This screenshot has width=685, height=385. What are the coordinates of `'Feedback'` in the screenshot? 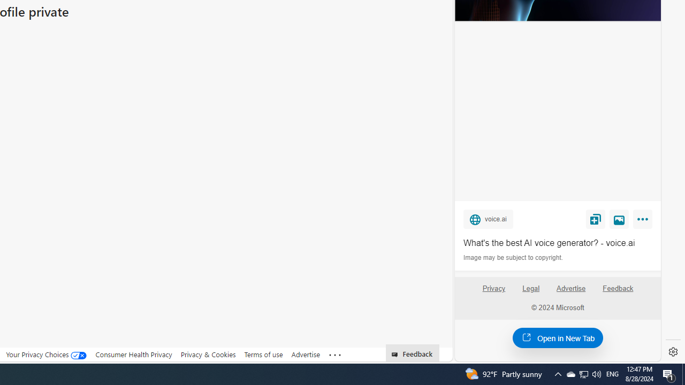 It's located at (618, 288).